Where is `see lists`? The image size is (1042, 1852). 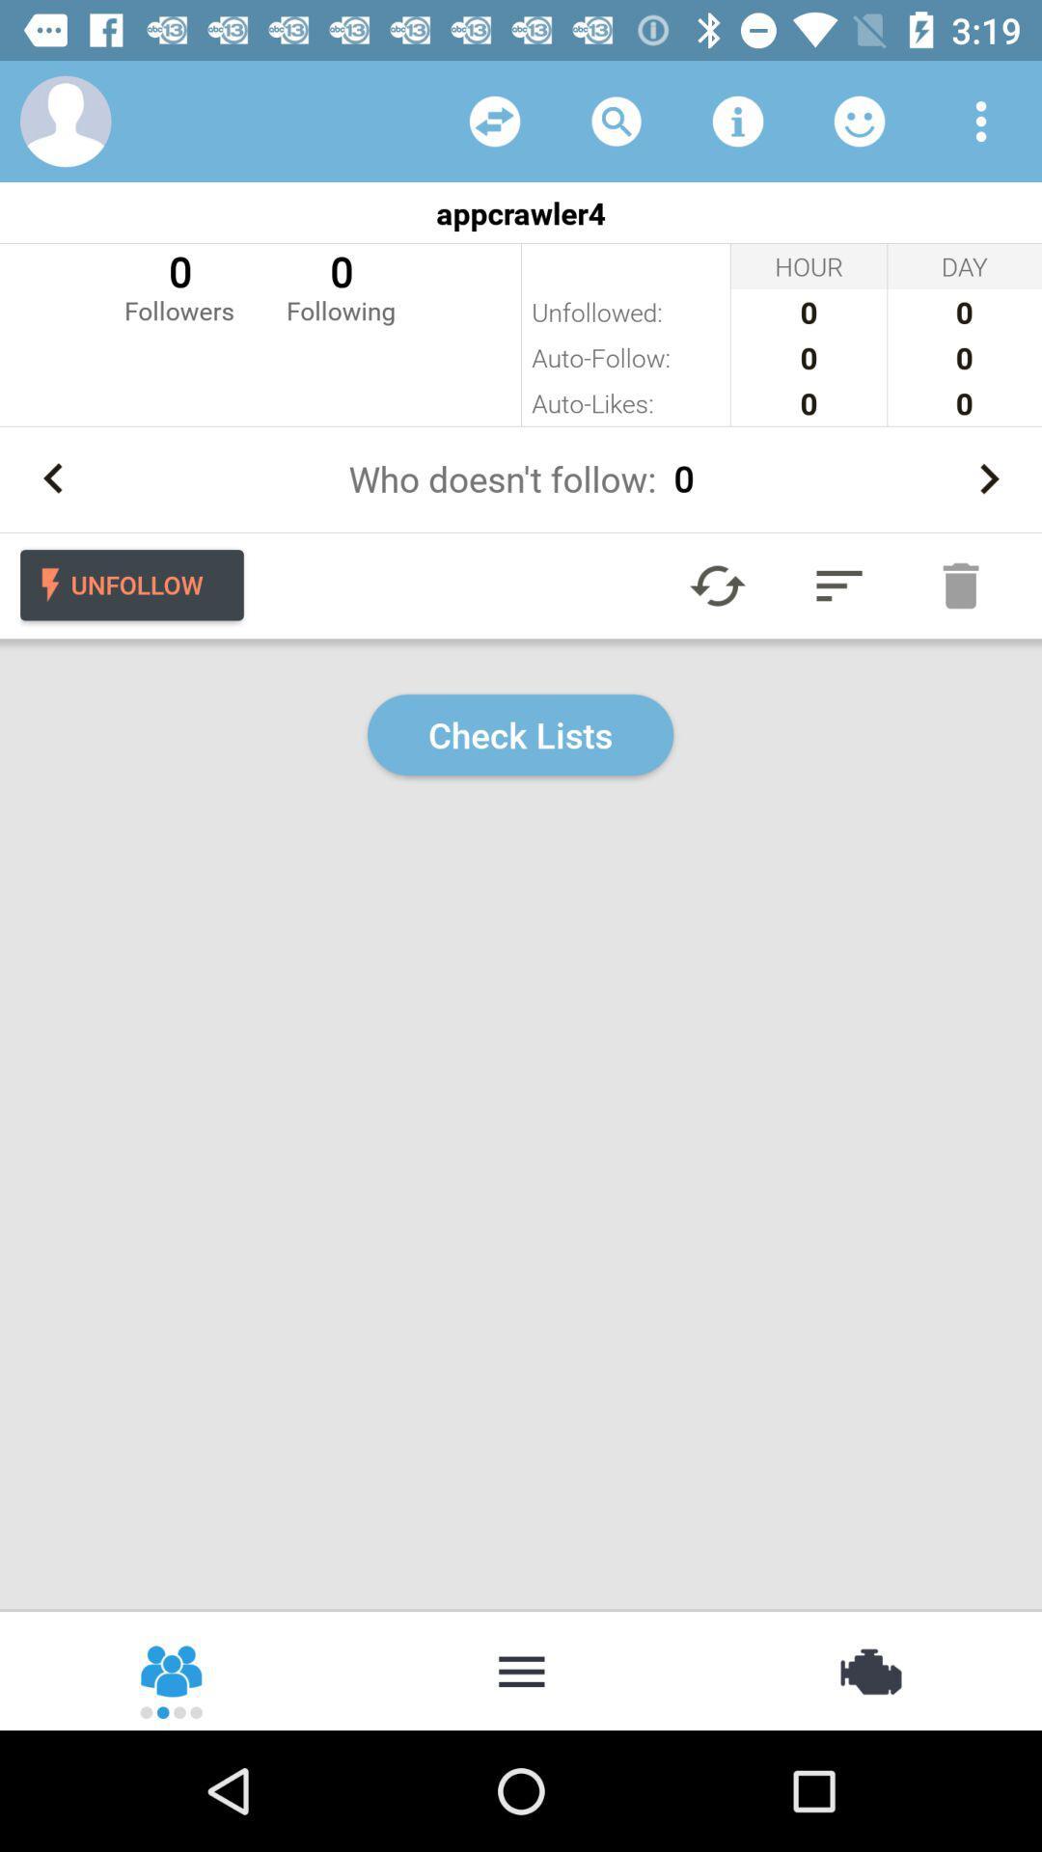
see lists is located at coordinates (838, 585).